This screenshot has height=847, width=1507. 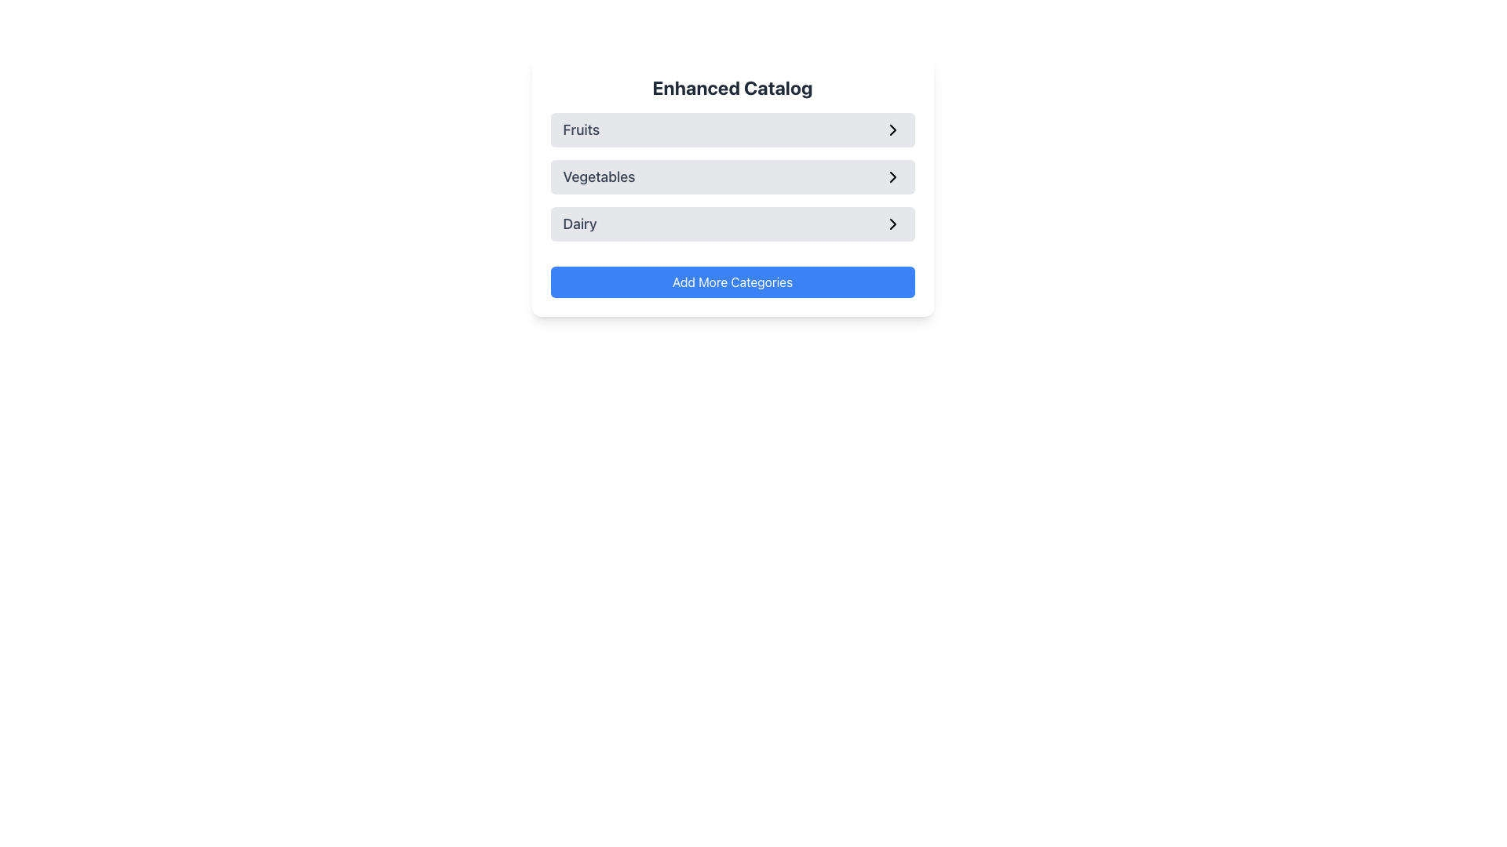 I want to click on the static text label indicating the category 'Dairy' located in the third item of the vertically stacked list, so click(x=579, y=224).